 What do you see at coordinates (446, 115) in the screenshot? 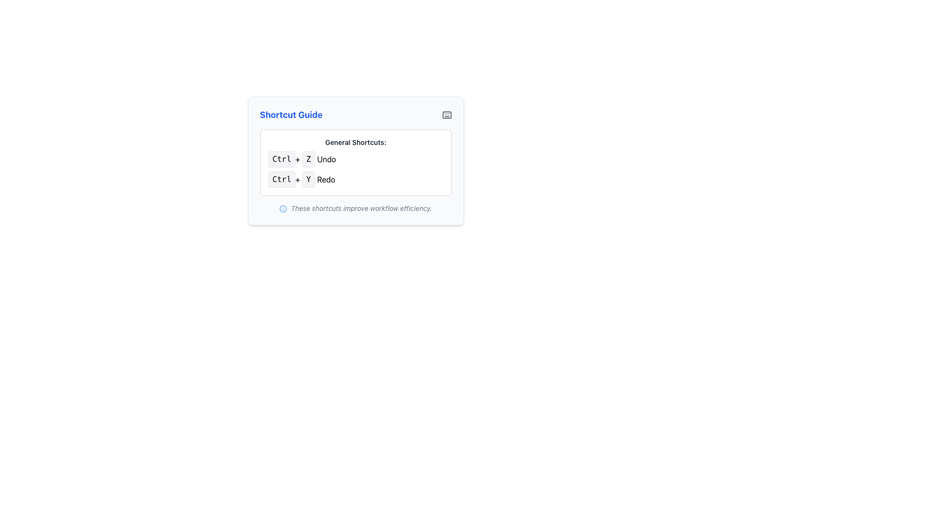
I see `the Icon Button located in the upper-right corner of the 'Shortcut Guide' section` at bounding box center [446, 115].